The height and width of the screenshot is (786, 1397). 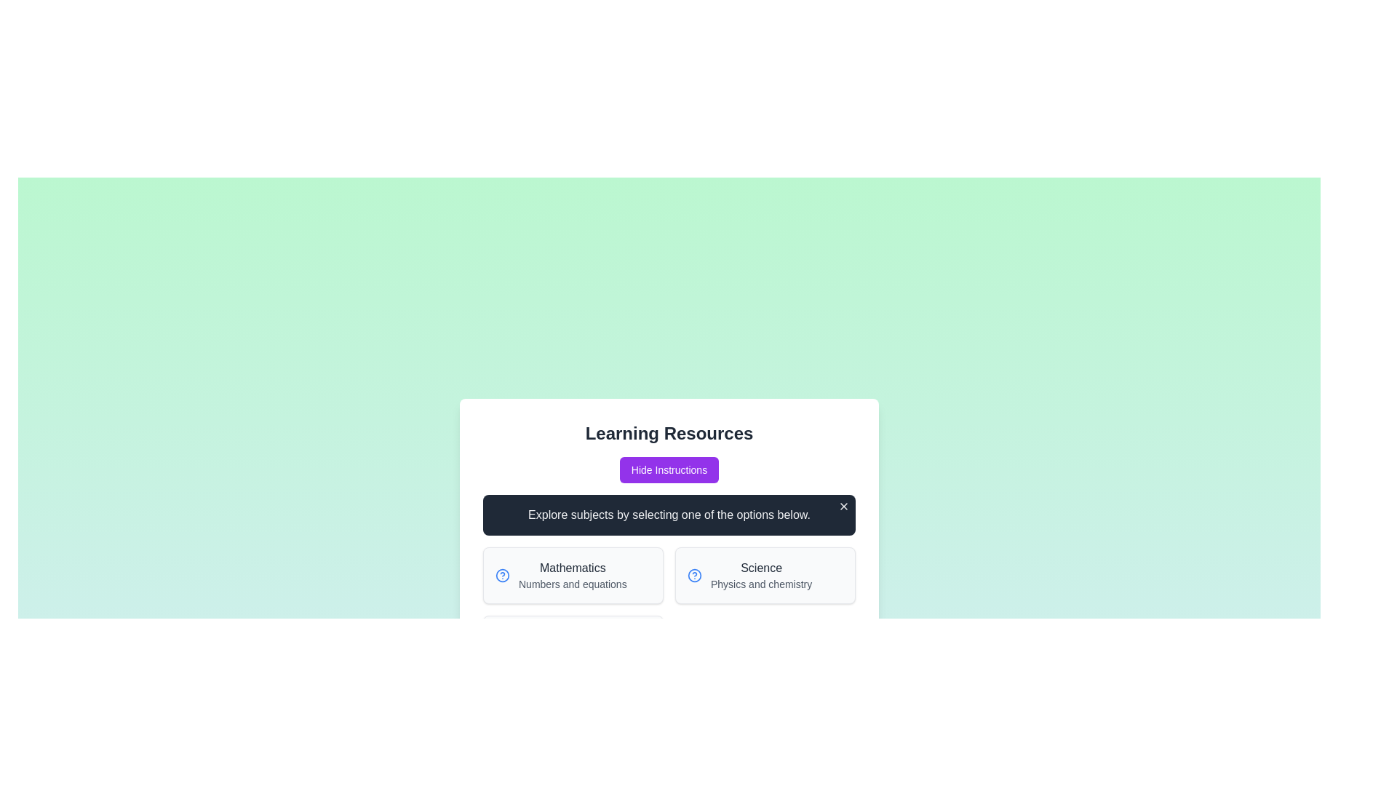 What do you see at coordinates (844, 505) in the screenshot?
I see `the close button with a white cross (X) located in the upper-right corner of the dark rectangular area containing the instructional text to change its color` at bounding box center [844, 505].